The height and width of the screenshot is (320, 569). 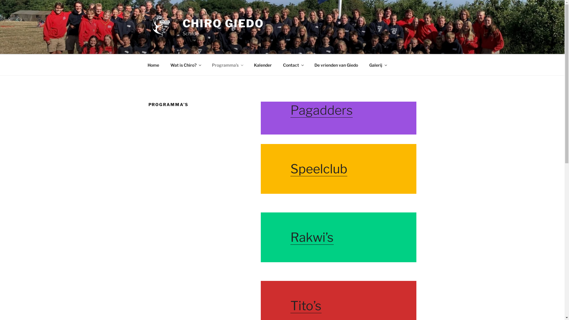 I want to click on 'Home', so click(x=142, y=65).